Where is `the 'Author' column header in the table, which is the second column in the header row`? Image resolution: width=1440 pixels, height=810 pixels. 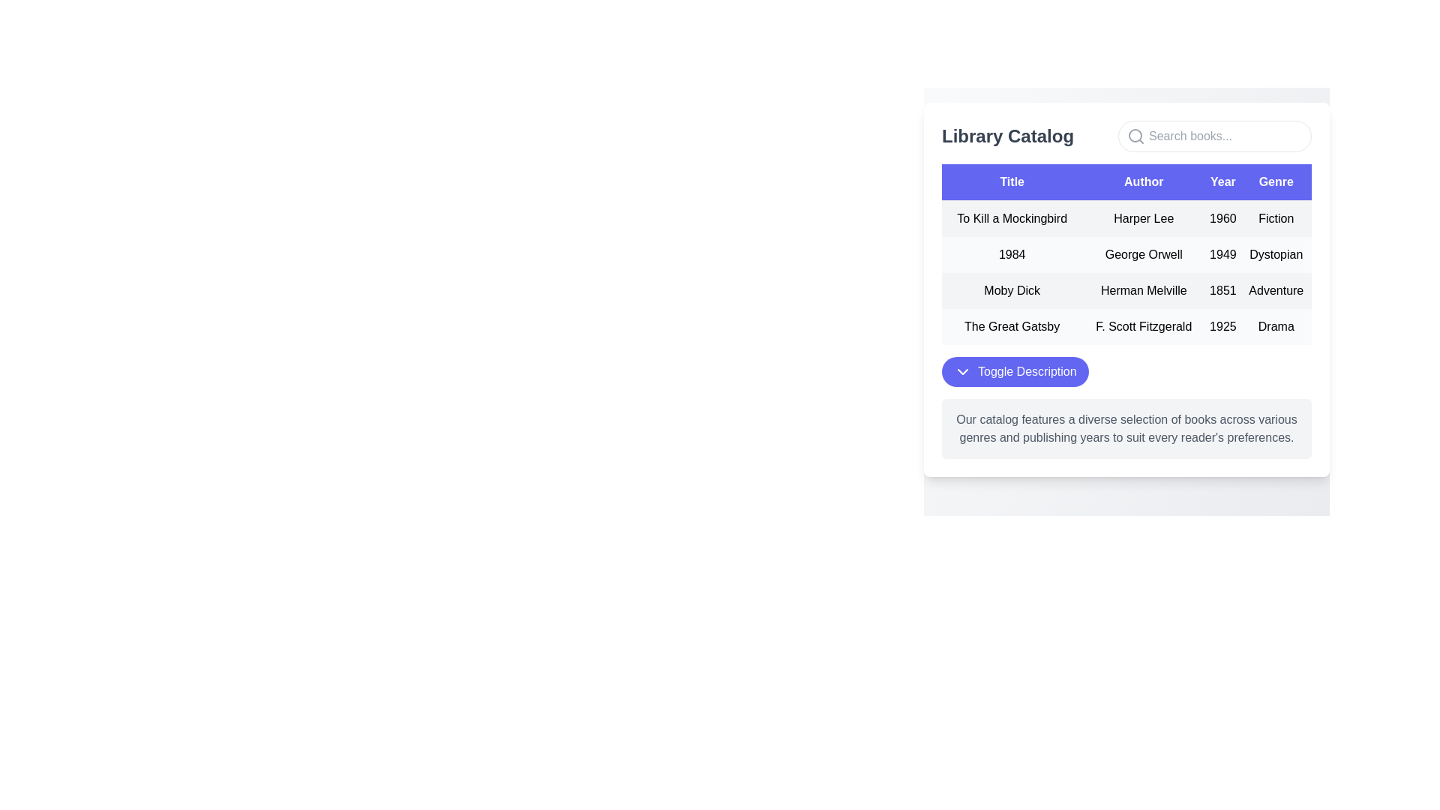
the 'Author' column header in the table, which is the second column in the header row is located at coordinates (1143, 181).